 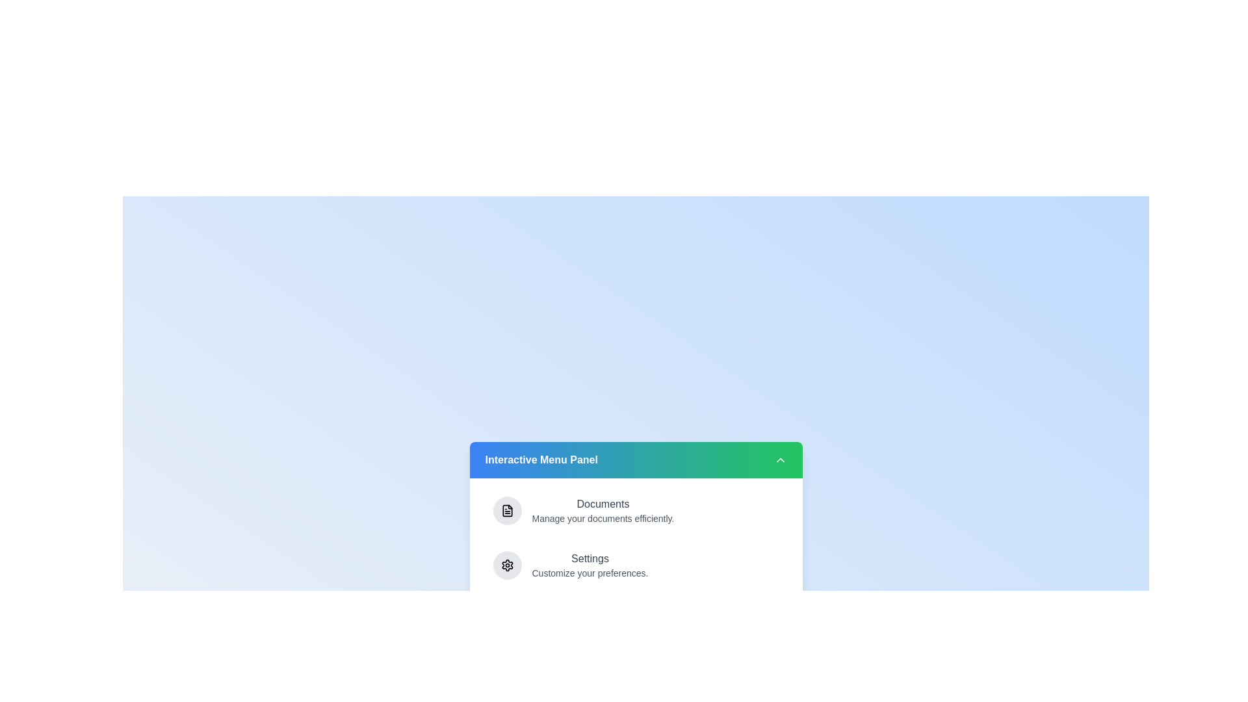 I want to click on the menu item More Options to highlight it, so click(x=636, y=619).